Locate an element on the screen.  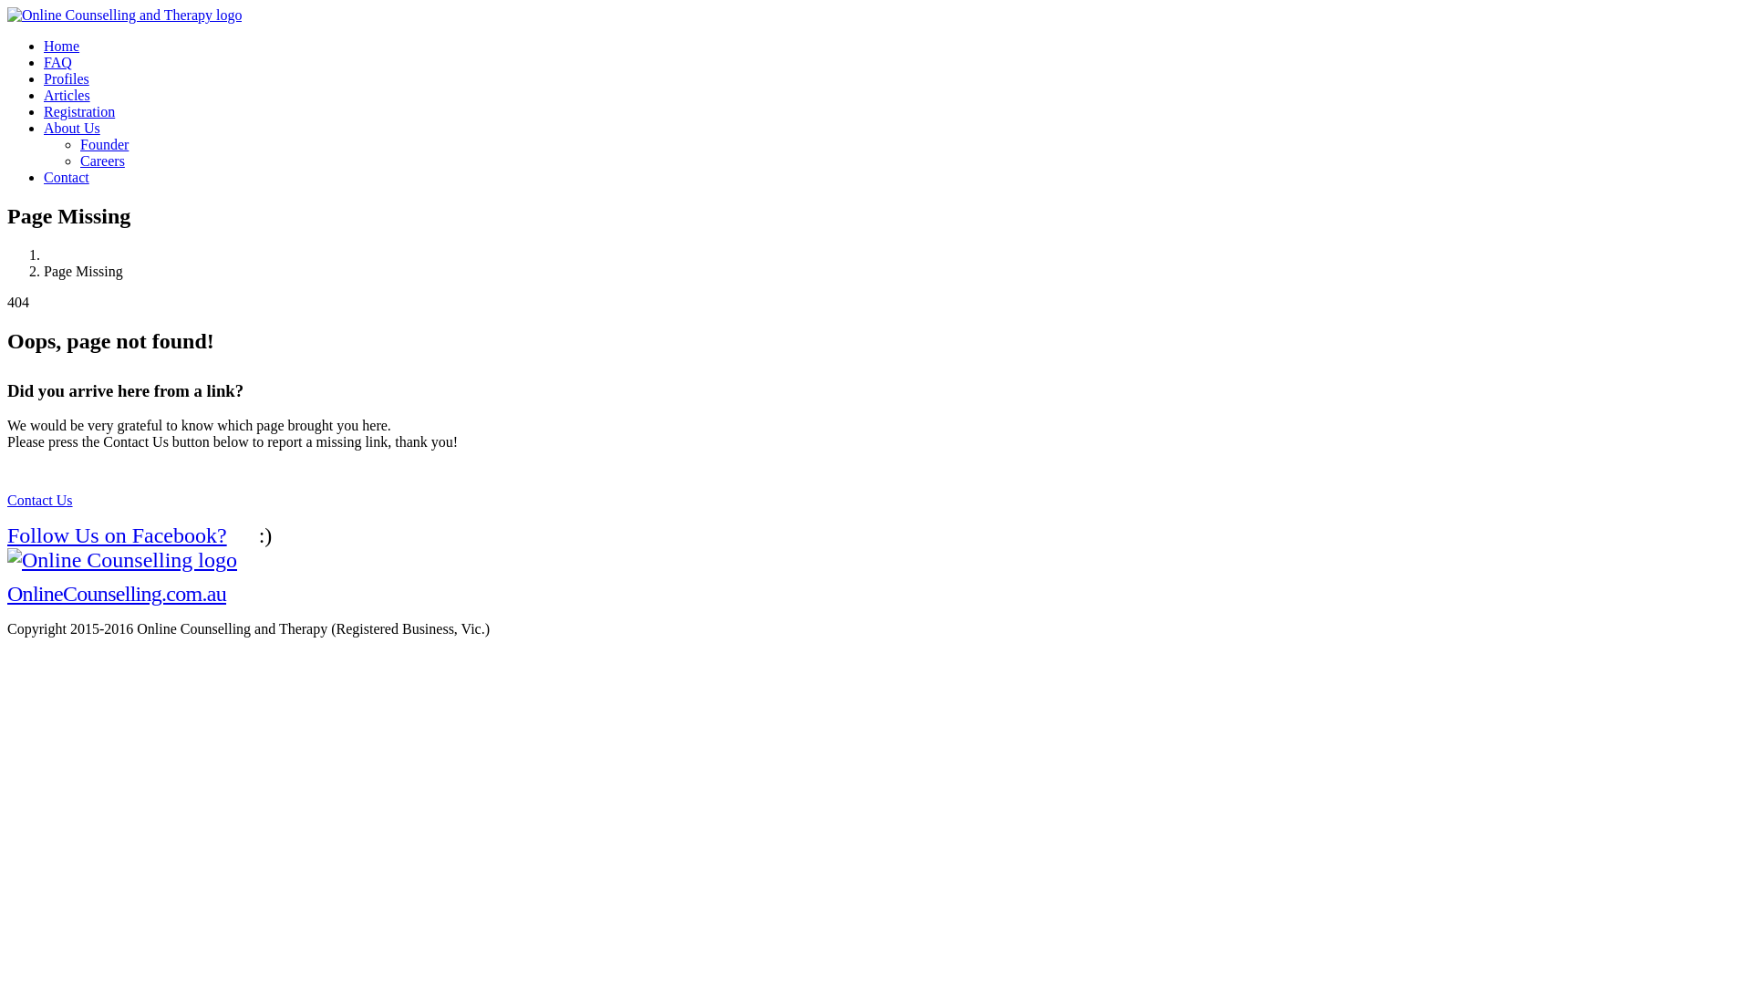
'Registration' is located at coordinates (78, 111).